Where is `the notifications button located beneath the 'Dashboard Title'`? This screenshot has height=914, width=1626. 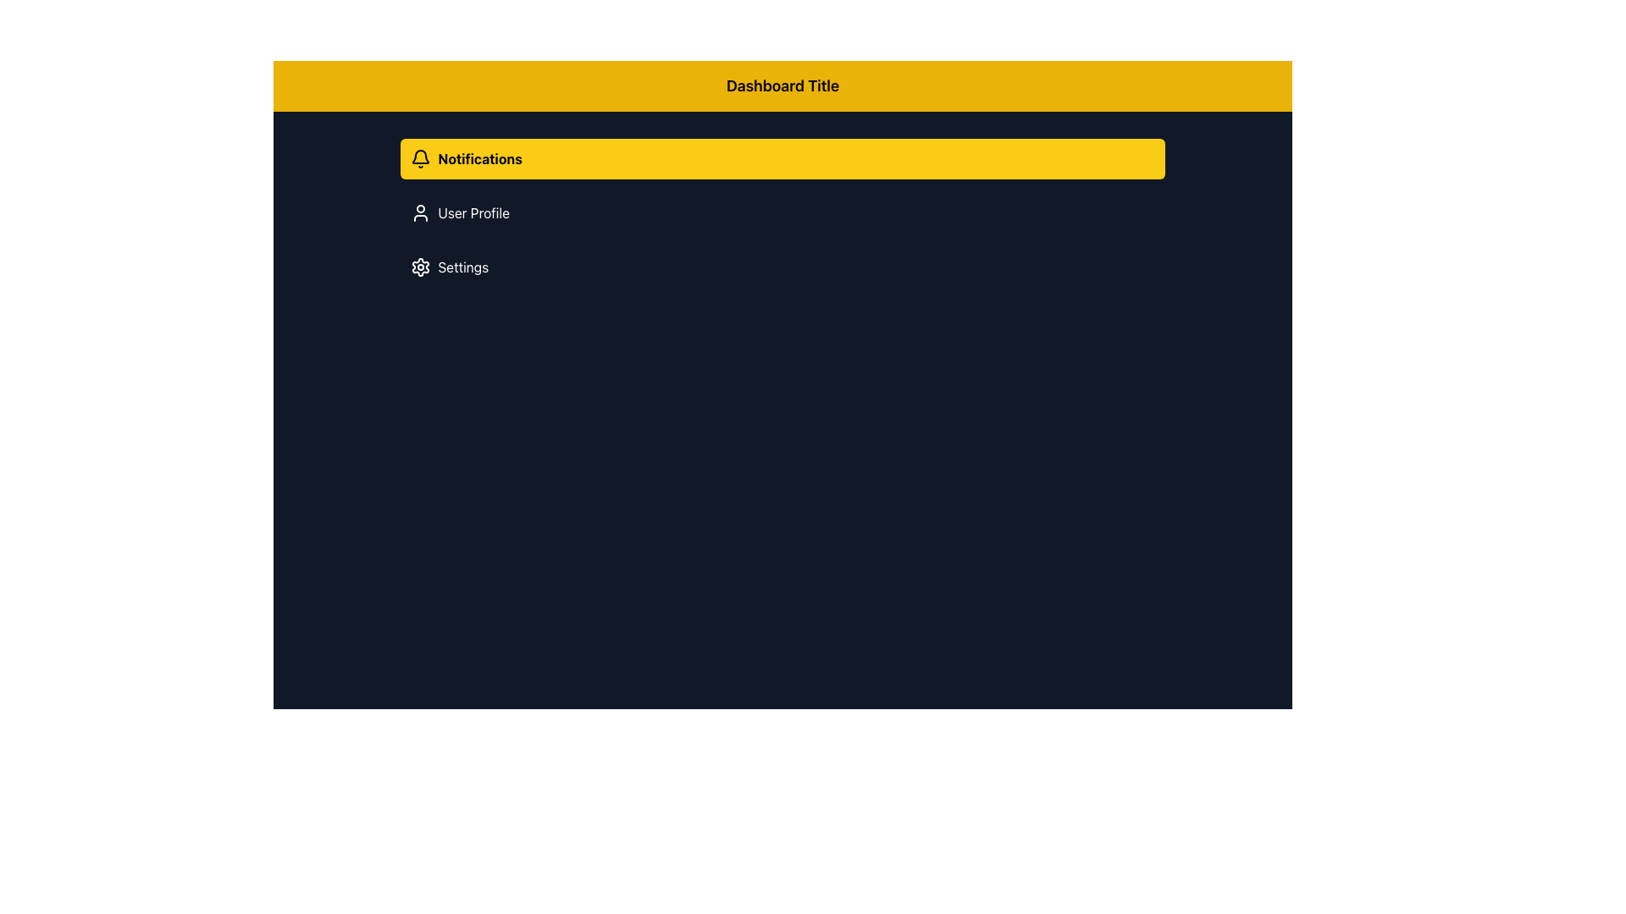
the notifications button located beneath the 'Dashboard Title' is located at coordinates (782, 159).